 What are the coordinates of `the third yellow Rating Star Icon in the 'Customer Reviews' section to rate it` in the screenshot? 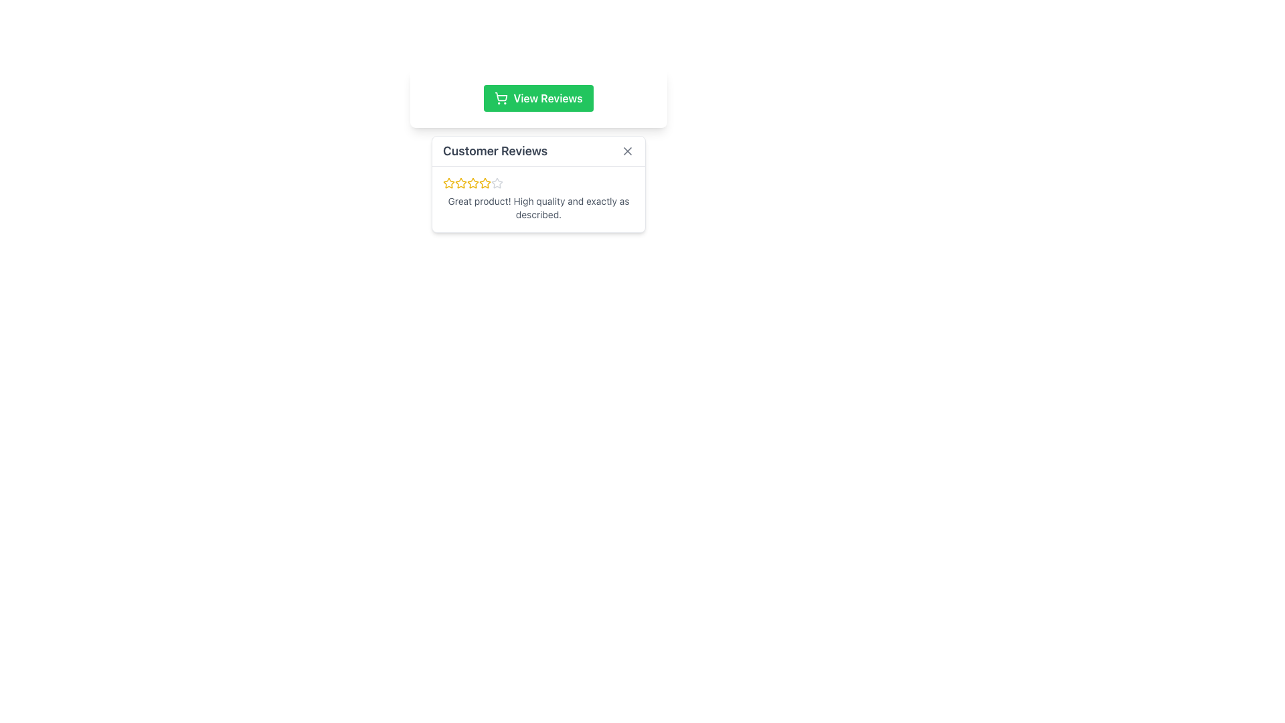 It's located at (484, 183).